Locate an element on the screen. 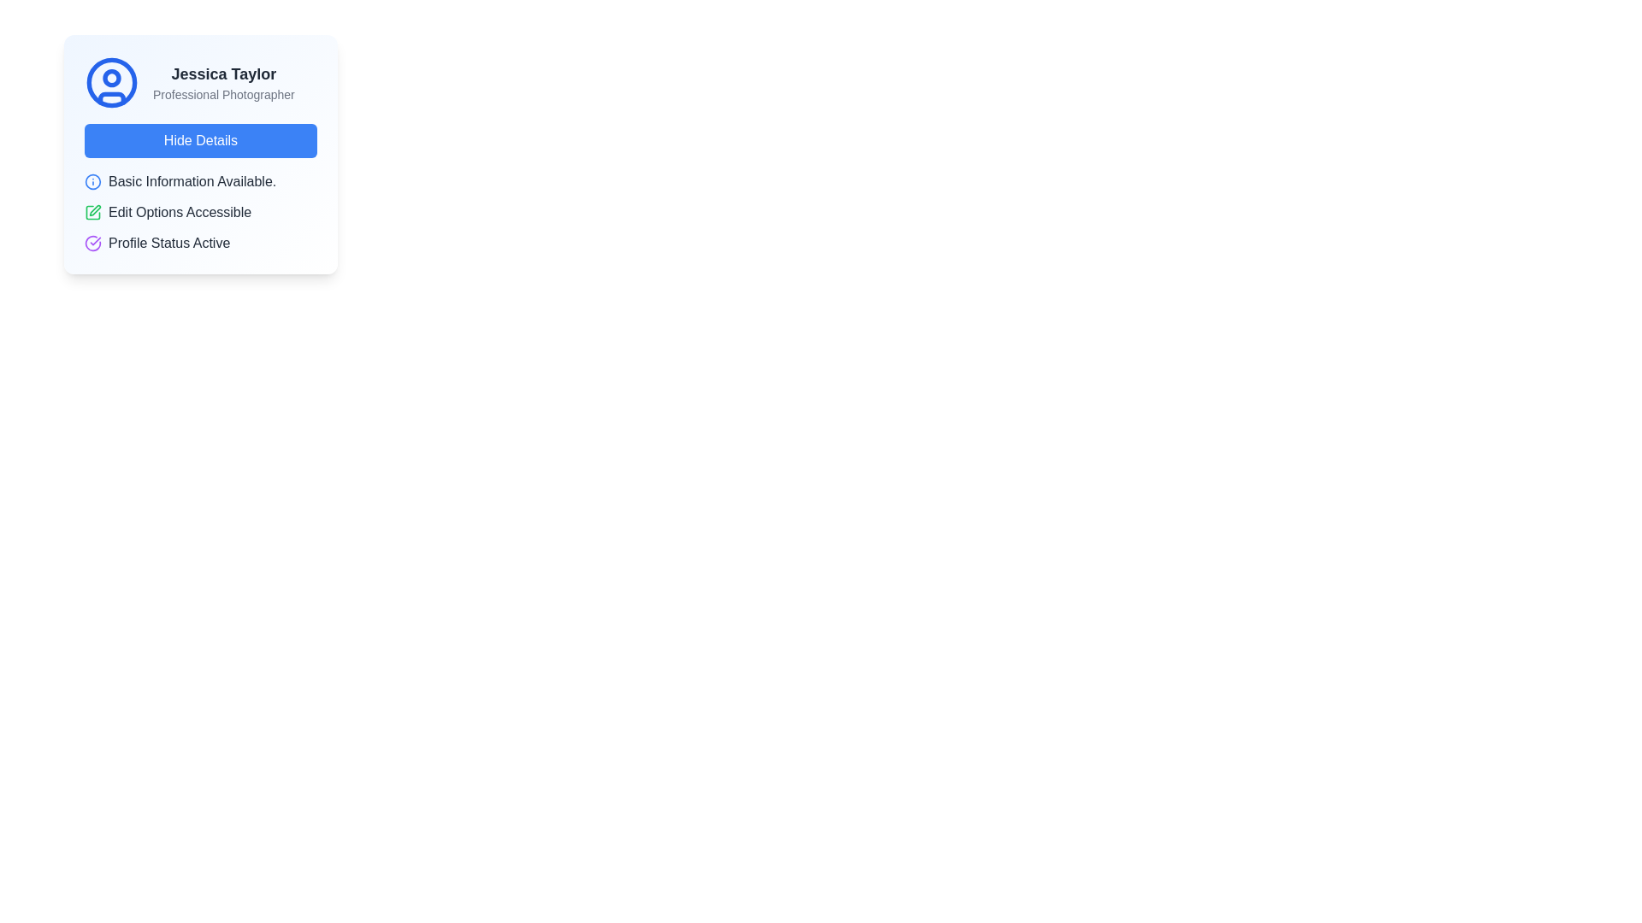 The image size is (1642, 923). the text label that serves as the title or name of the individual associated with the card, positioned at the top section of the card, to the right of the user profile icon is located at coordinates (222, 73).